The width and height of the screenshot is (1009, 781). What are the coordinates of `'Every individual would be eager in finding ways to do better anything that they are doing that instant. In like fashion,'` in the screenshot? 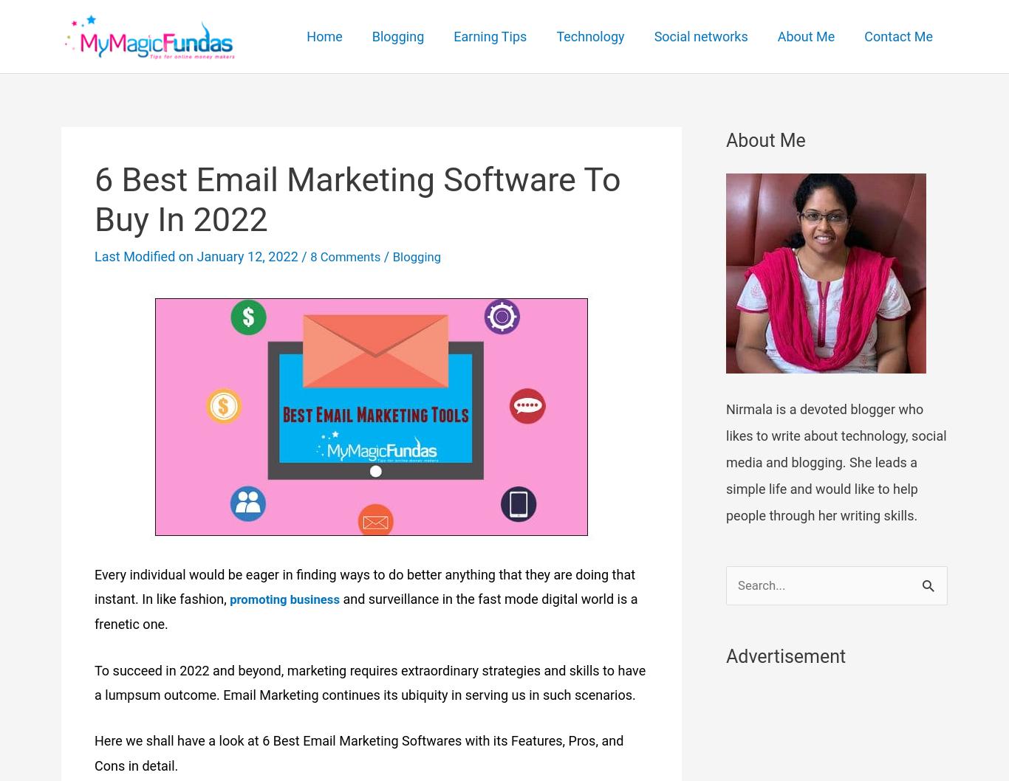 It's located at (364, 586).